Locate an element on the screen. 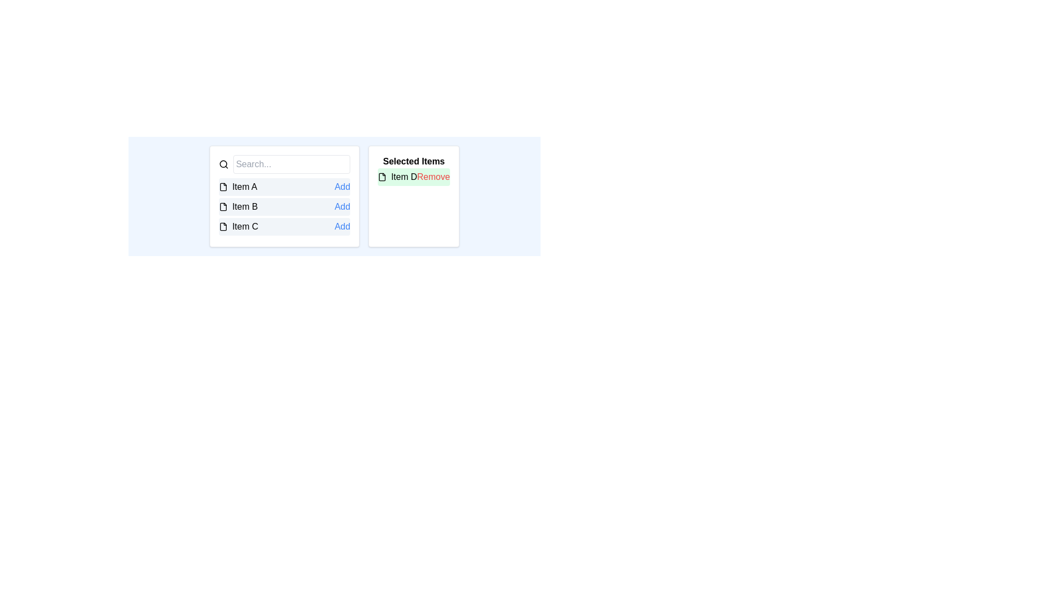  the graphical icon representing a 'file' type located to the left of 'Item A' in the left panel of the interface is located at coordinates (223, 187).